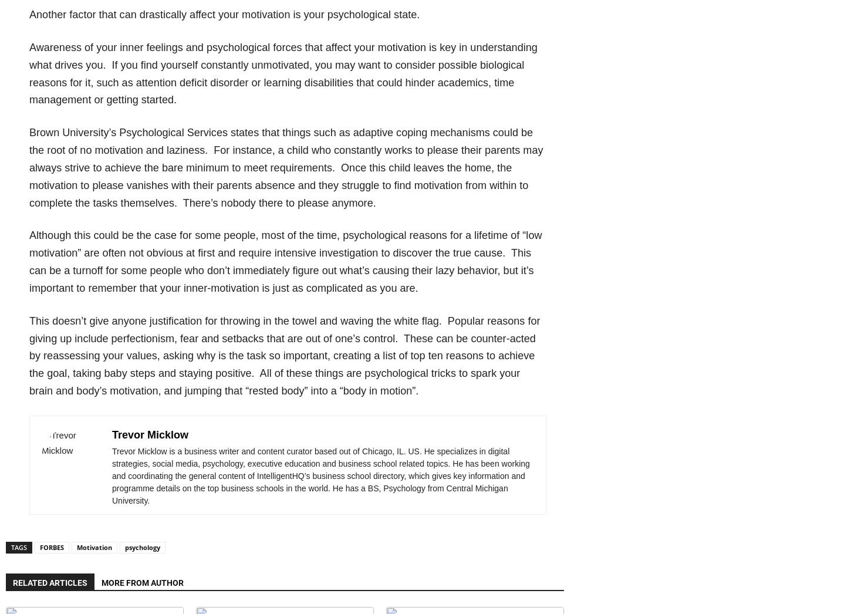  I want to click on 'MORE FROM AUTHOR', so click(143, 582).